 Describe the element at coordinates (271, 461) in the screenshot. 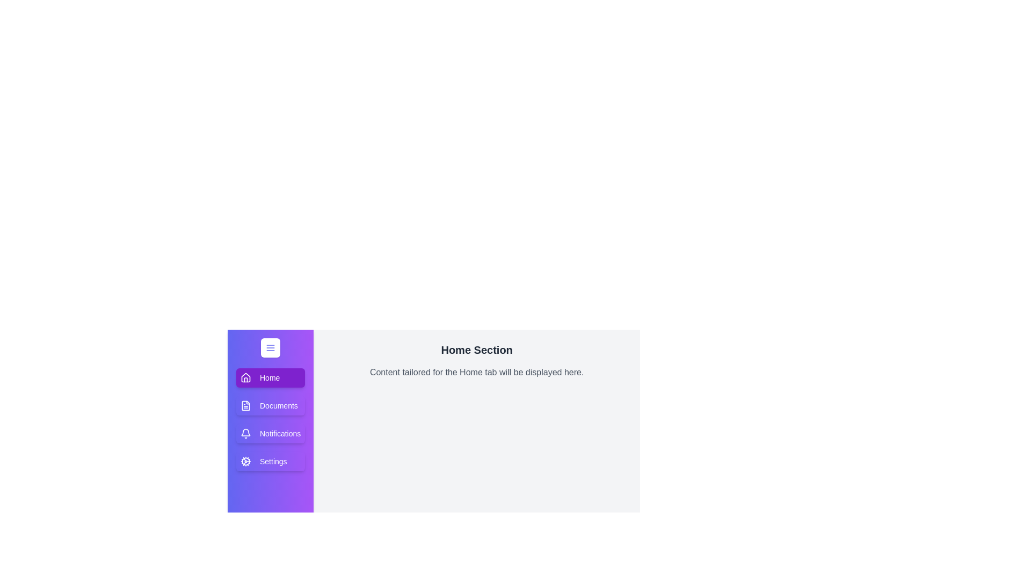

I see `the Settings tab to view its content` at that location.